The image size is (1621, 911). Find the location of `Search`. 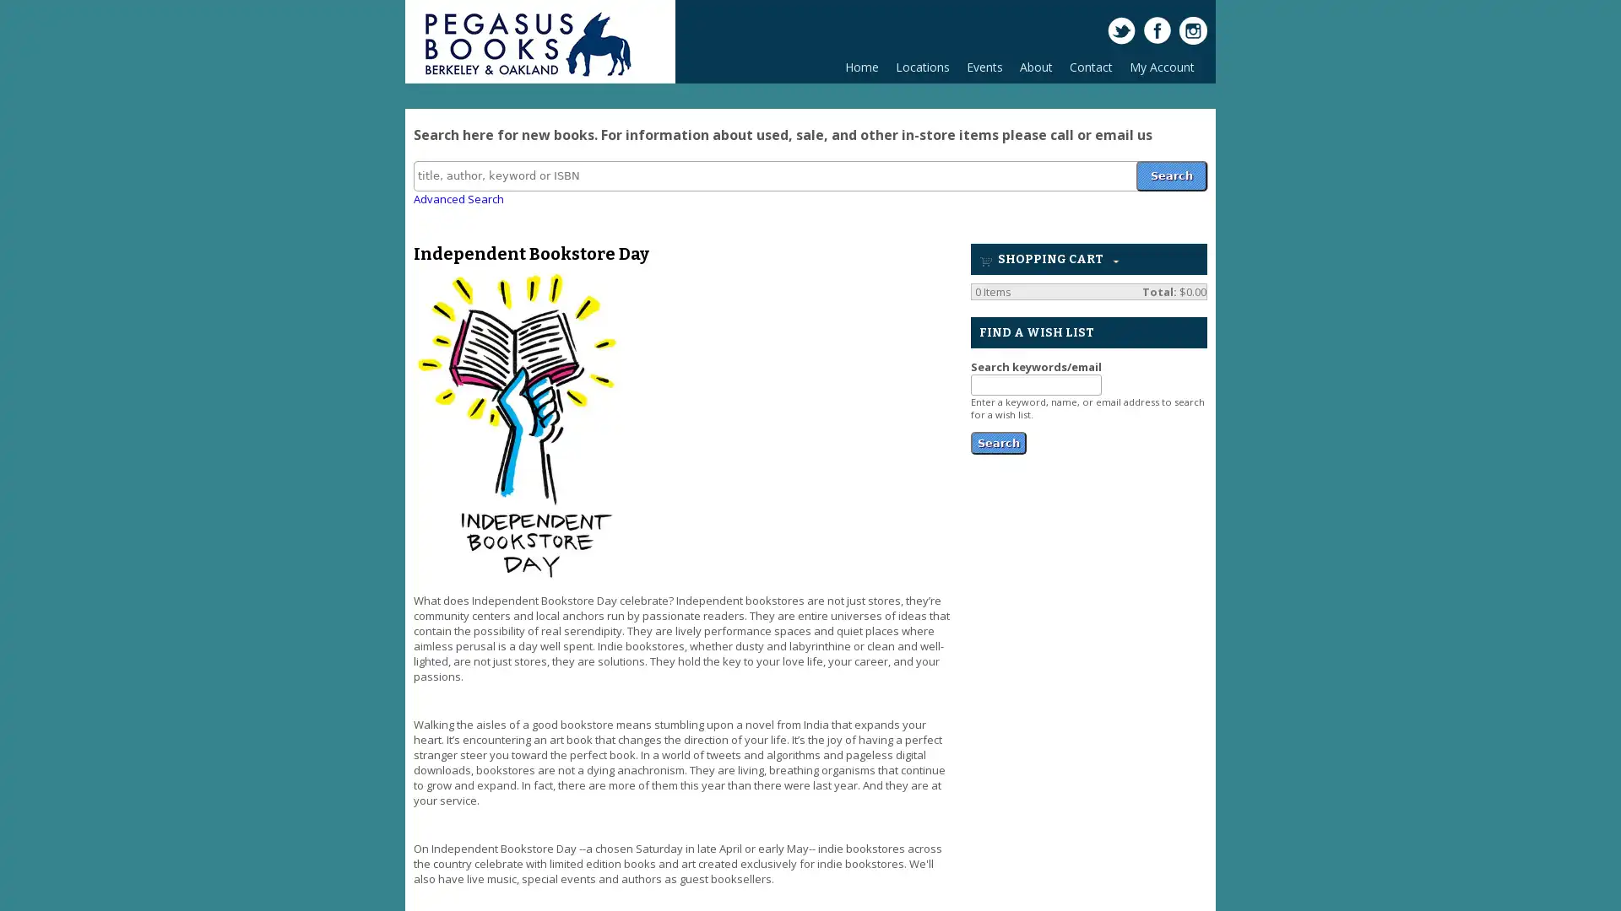

Search is located at coordinates (1170, 175).